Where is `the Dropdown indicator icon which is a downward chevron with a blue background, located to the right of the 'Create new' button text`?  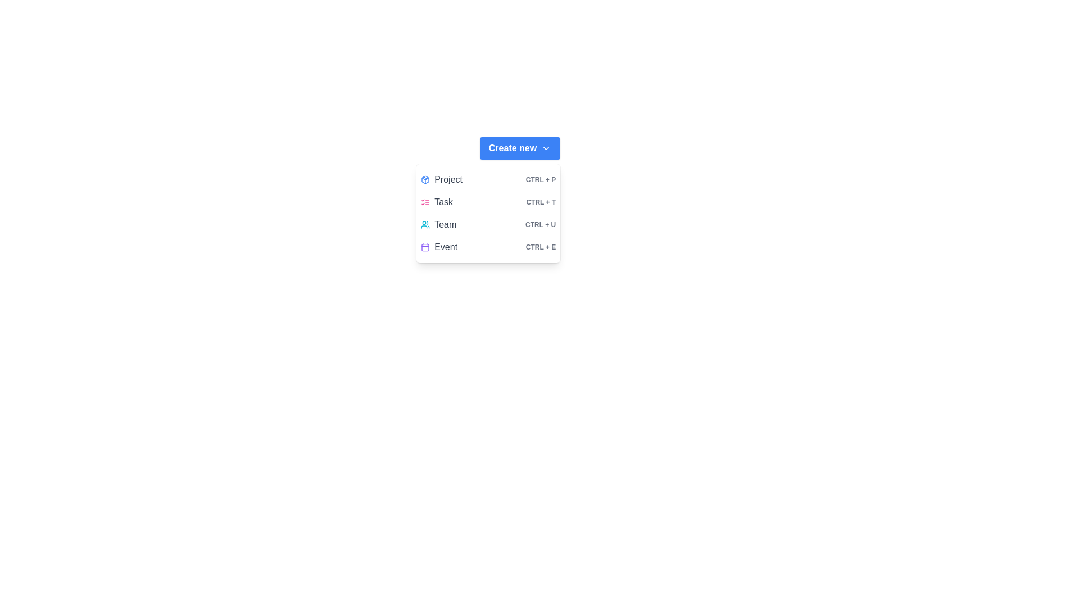 the Dropdown indicator icon which is a downward chevron with a blue background, located to the right of the 'Create new' button text is located at coordinates (546, 147).